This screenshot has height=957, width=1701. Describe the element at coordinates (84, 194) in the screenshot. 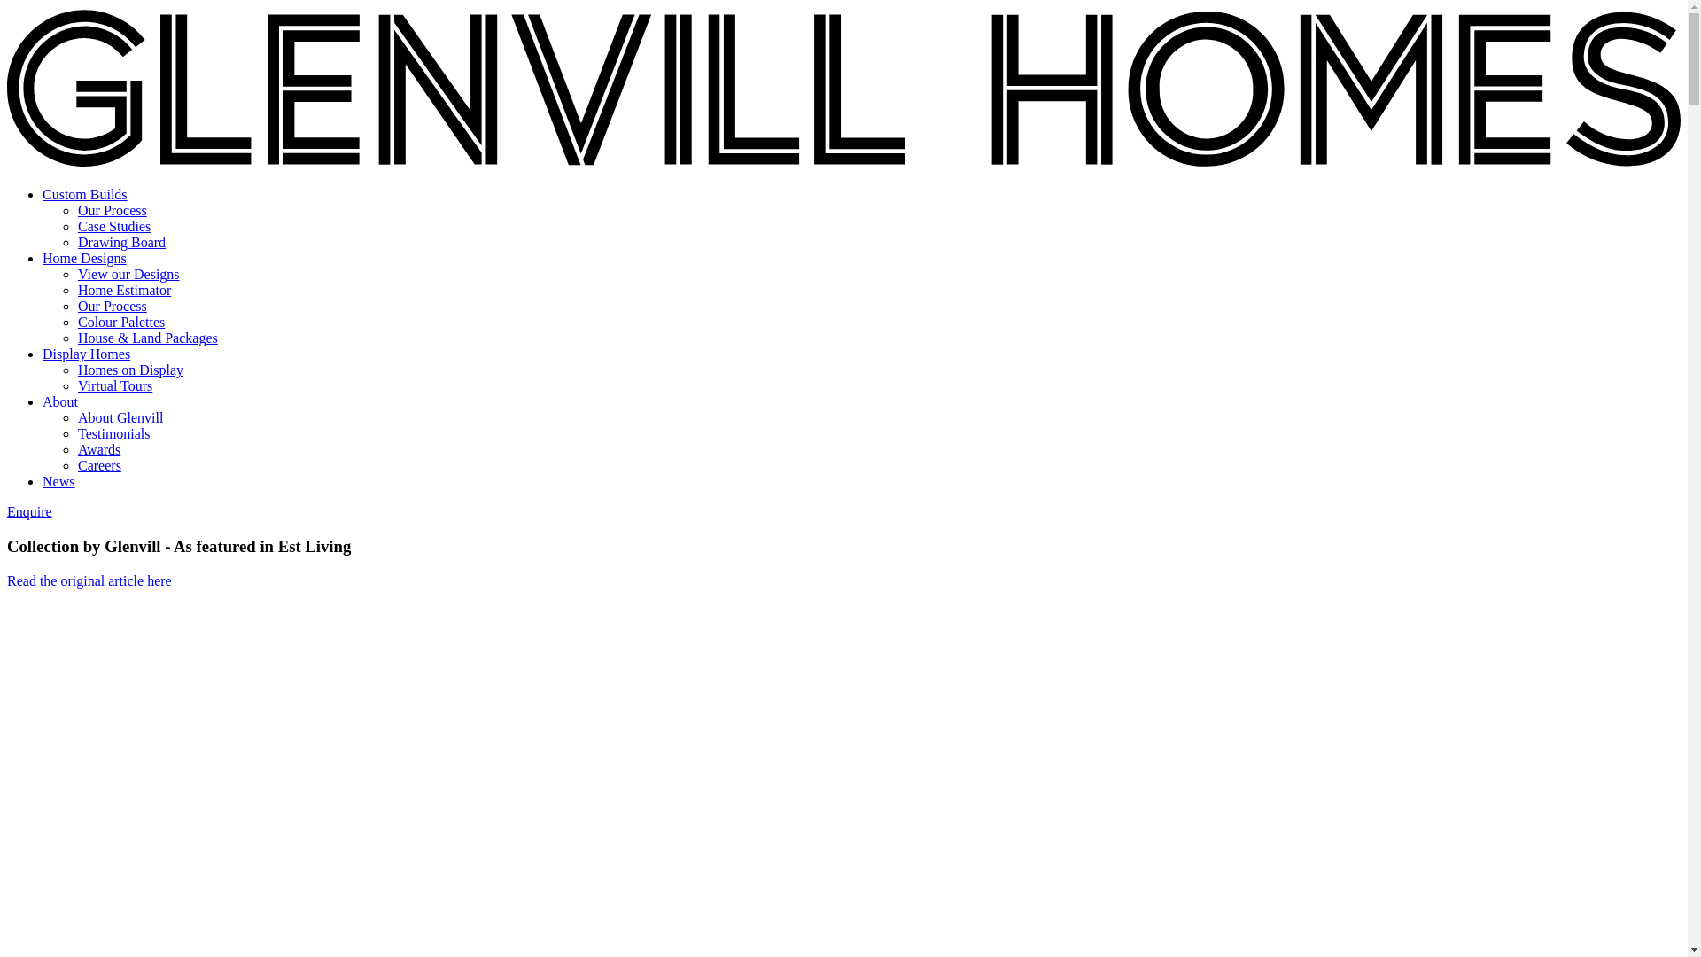

I see `'Custom Builds'` at that location.